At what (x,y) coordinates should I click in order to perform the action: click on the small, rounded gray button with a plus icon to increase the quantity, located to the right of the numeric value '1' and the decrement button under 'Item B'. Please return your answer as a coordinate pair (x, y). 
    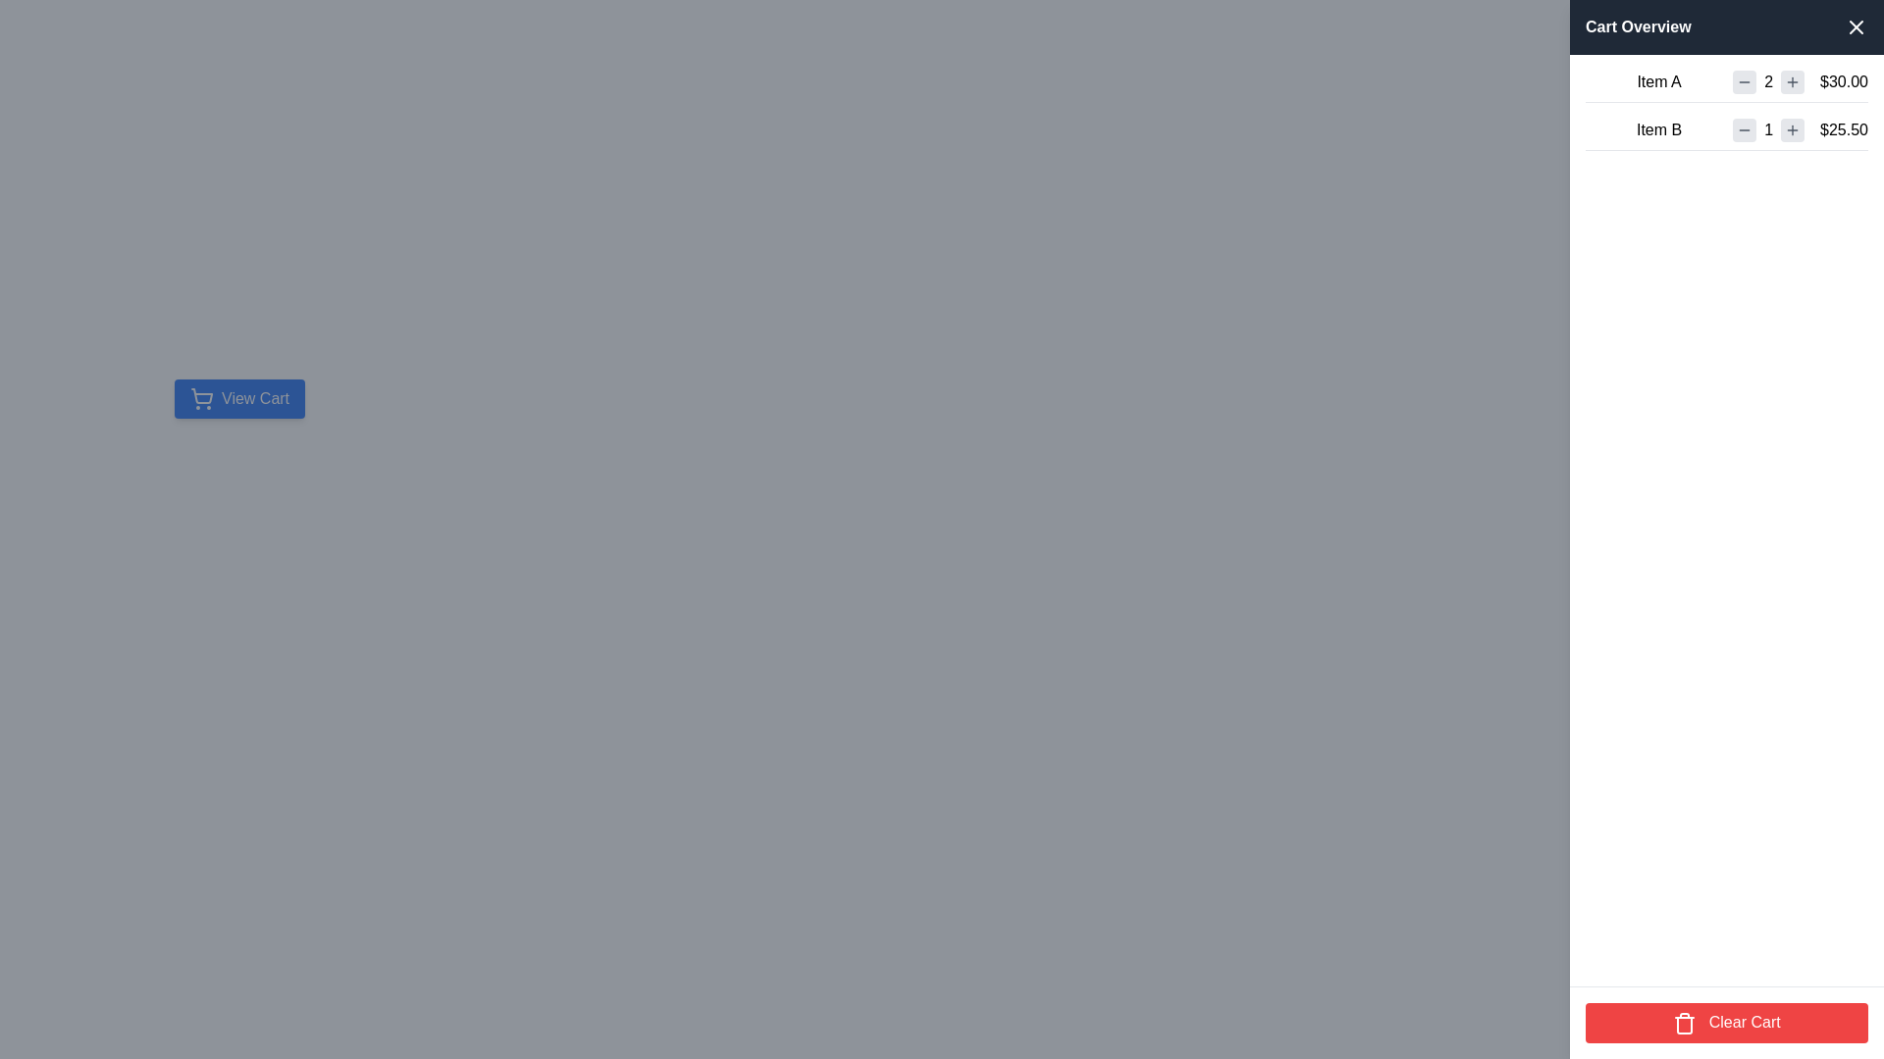
    Looking at the image, I should click on (1793, 129).